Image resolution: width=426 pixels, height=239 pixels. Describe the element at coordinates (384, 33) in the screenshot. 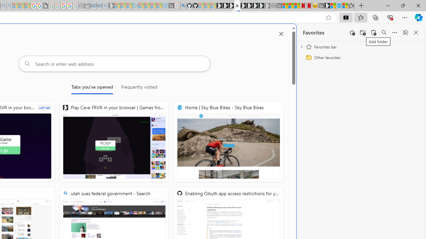

I see `'Search favorites'` at that location.